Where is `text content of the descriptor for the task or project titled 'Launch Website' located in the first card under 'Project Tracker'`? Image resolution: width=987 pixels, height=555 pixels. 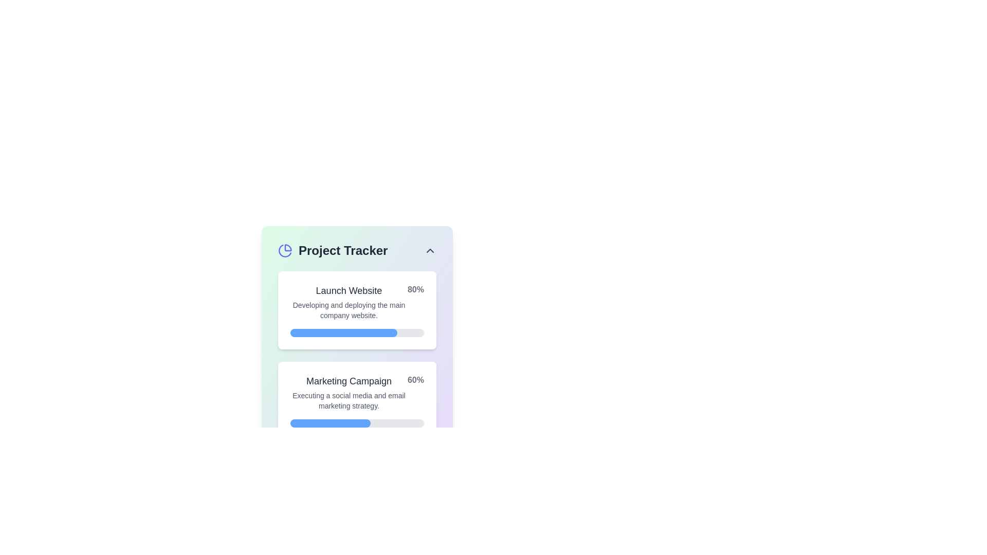 text content of the descriptor for the task or project titled 'Launch Website' located in the first card under 'Project Tracker' is located at coordinates (349, 301).